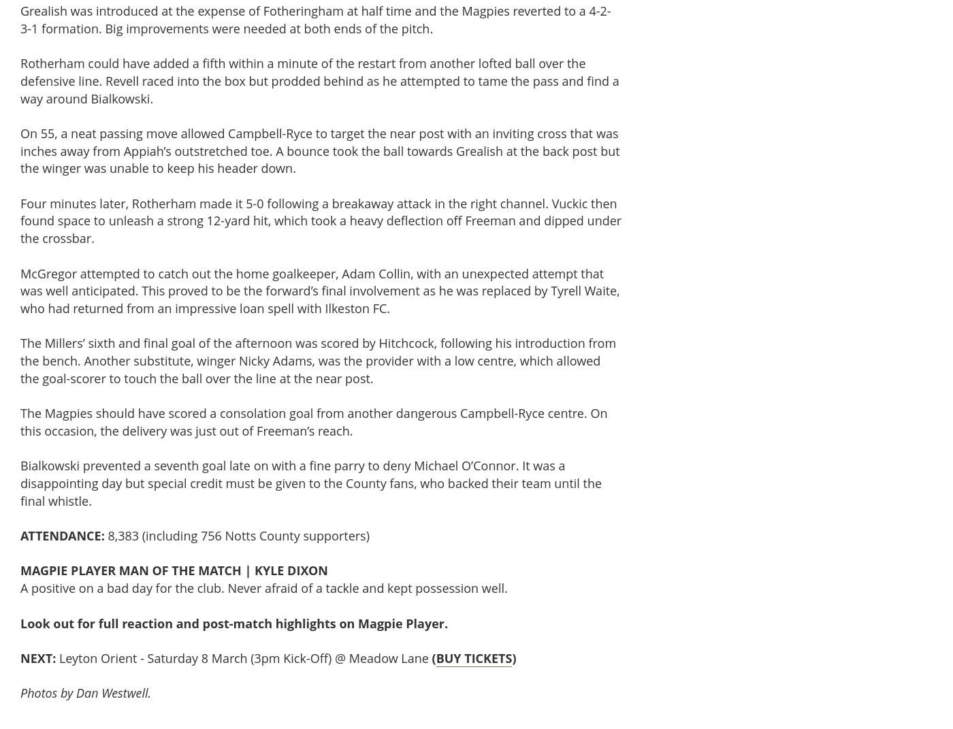 The width and height of the screenshot is (953, 729). Describe the element at coordinates (86, 692) in the screenshot. I see `'Photos by Dan Westwell.'` at that location.